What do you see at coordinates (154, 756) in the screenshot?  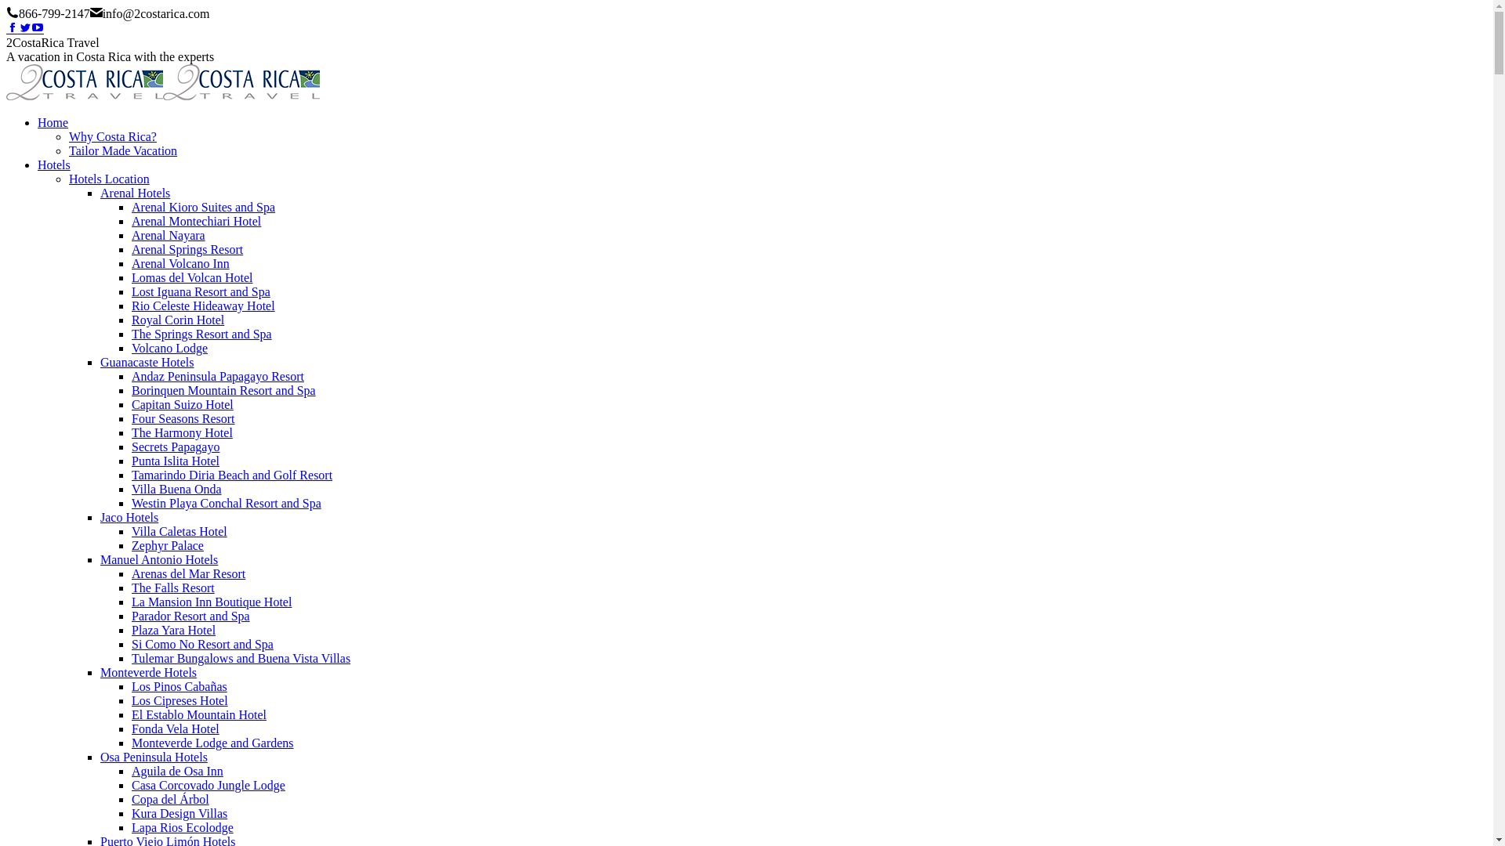 I see `'Osa Peninsula Hotels'` at bounding box center [154, 756].